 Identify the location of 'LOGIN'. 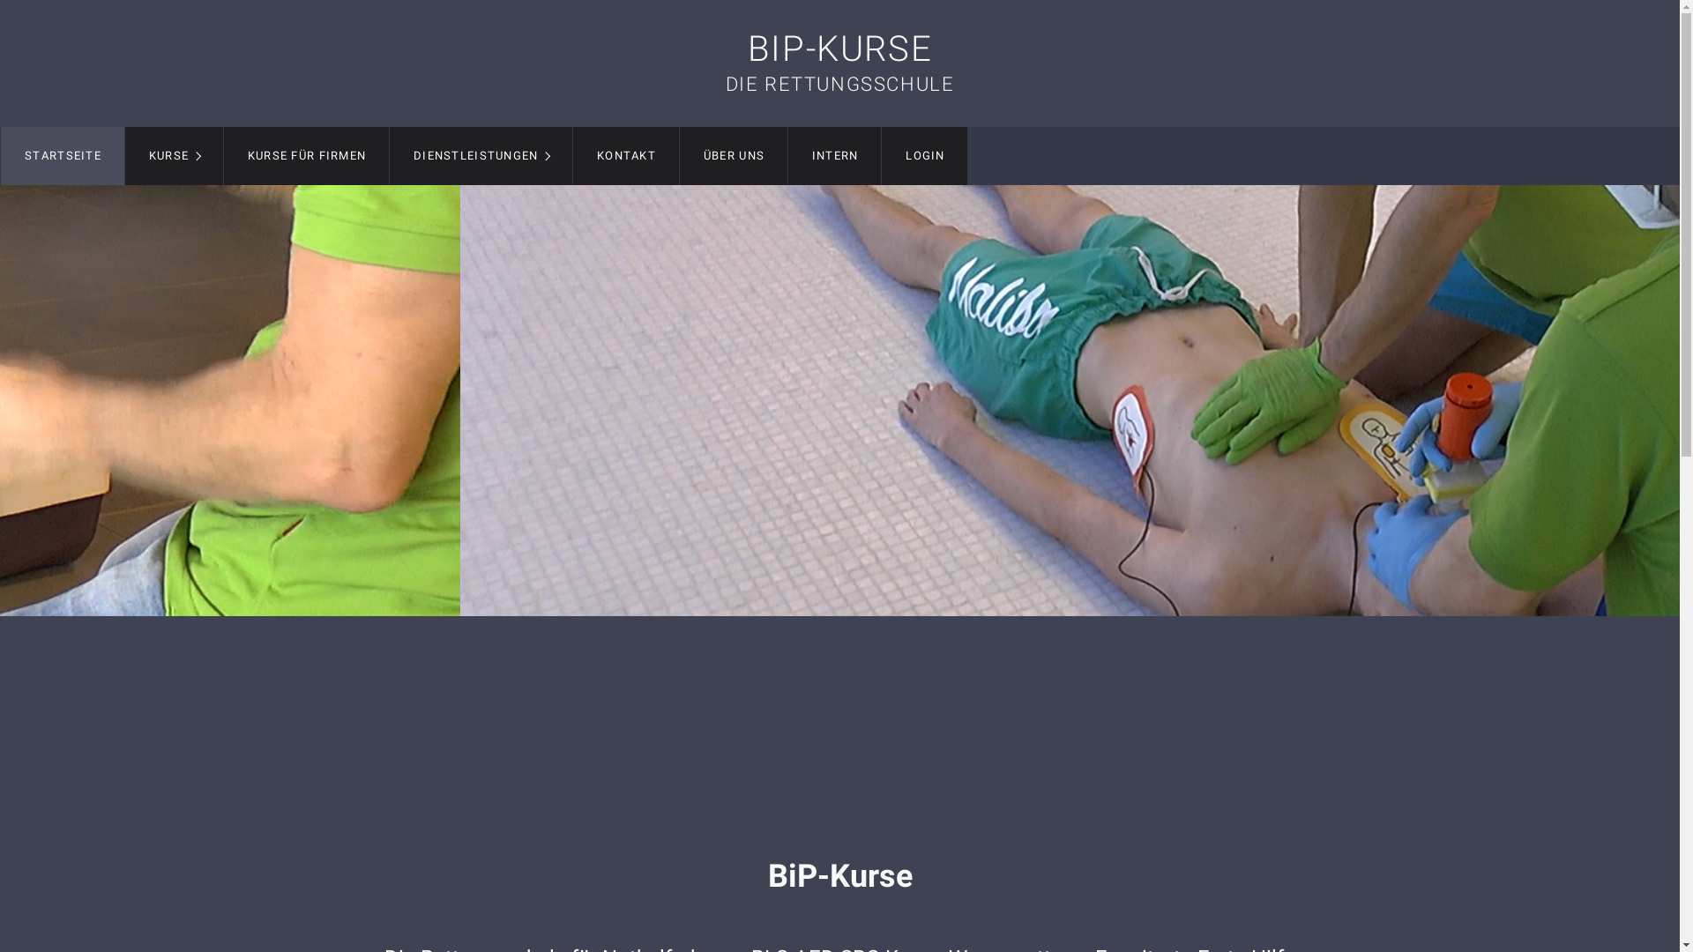
(881, 155).